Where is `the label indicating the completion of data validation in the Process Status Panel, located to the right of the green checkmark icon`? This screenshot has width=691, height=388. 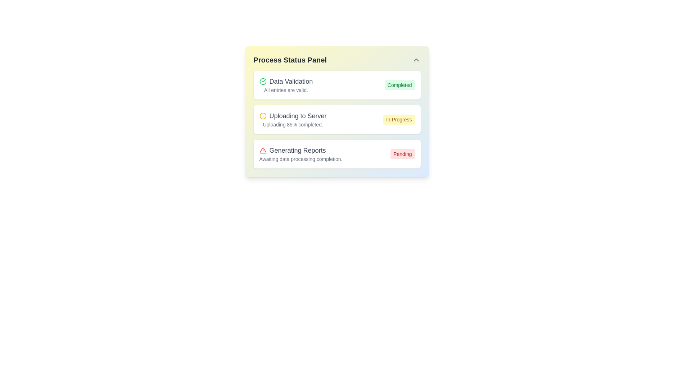
the label indicating the completion of data validation in the Process Status Panel, located to the right of the green checkmark icon is located at coordinates (285, 81).